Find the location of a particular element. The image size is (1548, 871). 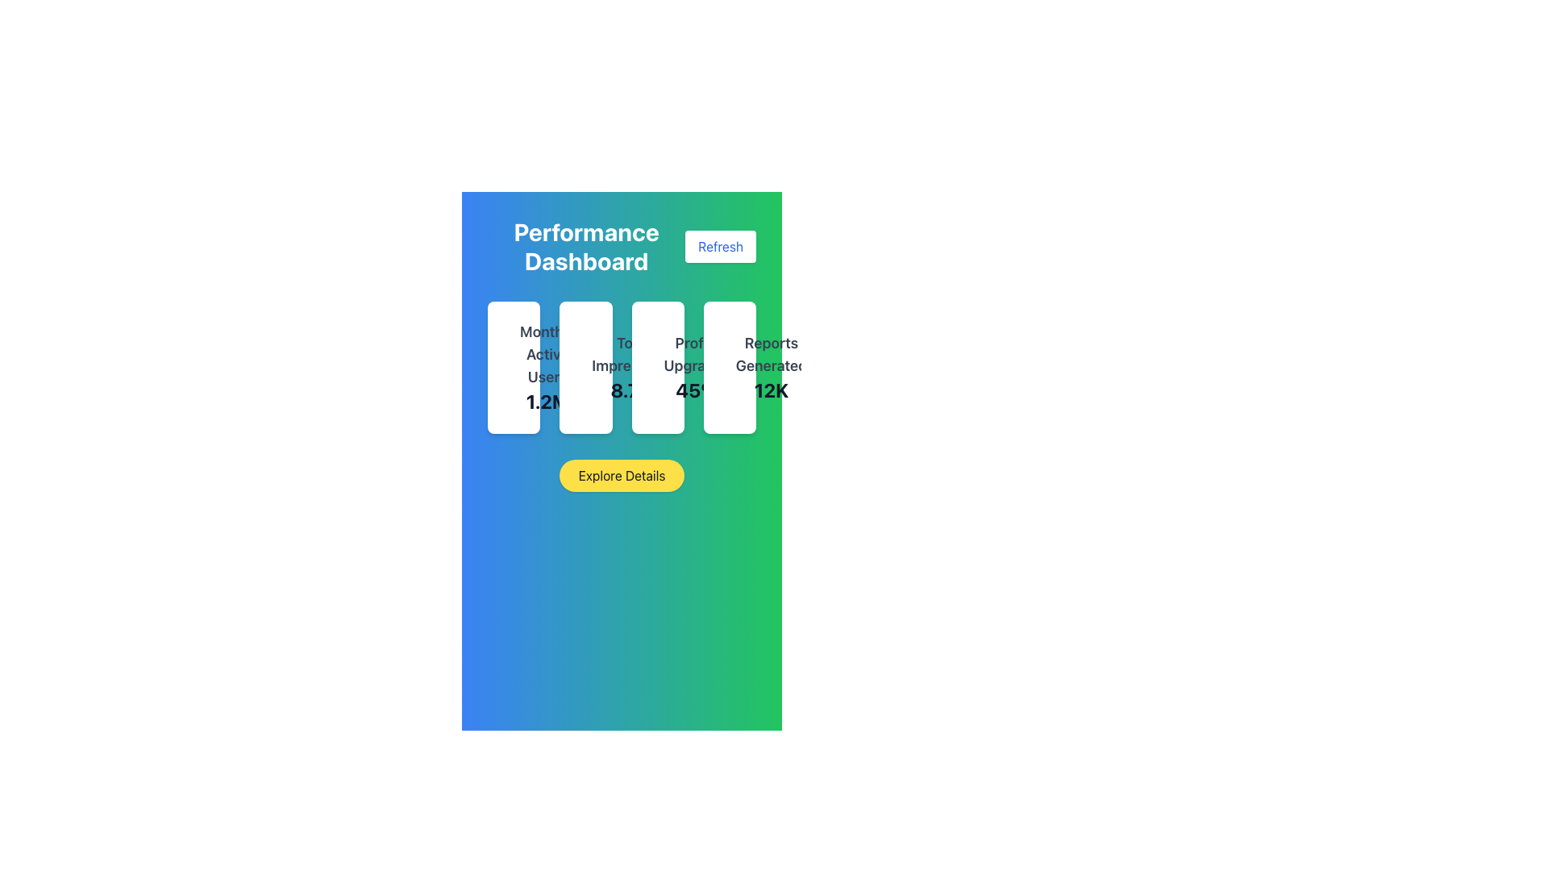

current number of monthly active users displayed in the first card of the dashboard interface is located at coordinates (547, 367).